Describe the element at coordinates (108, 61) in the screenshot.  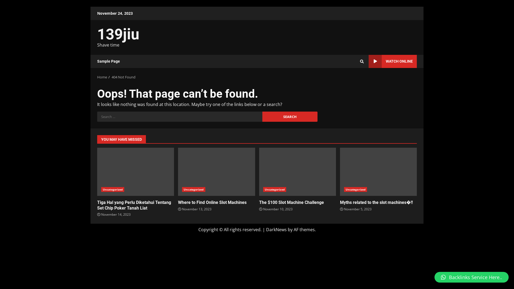
I see `'Sample Page'` at that location.